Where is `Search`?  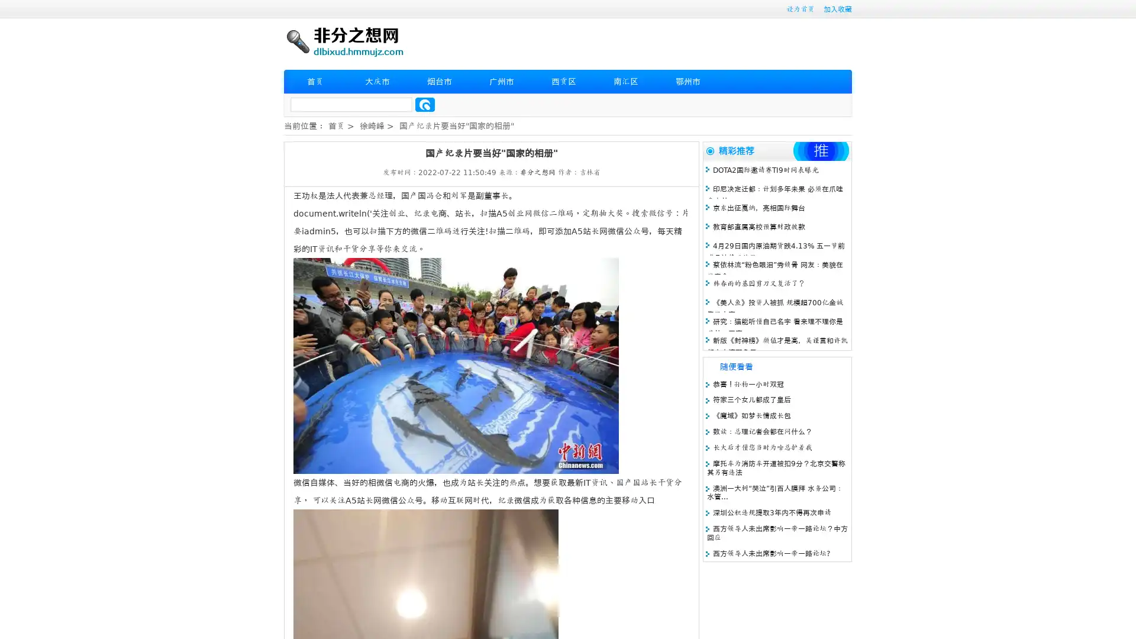 Search is located at coordinates (425, 104).